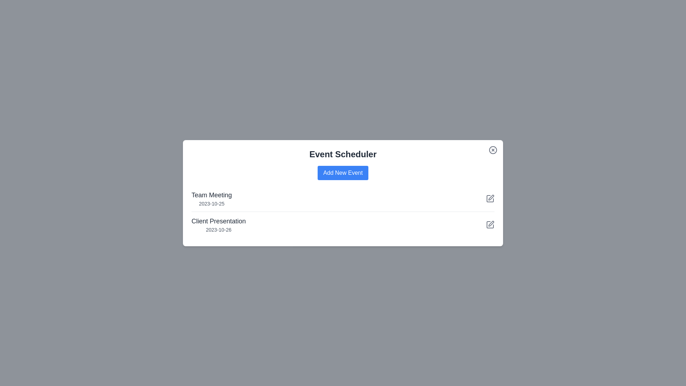 The height and width of the screenshot is (386, 686). What do you see at coordinates (490, 224) in the screenshot?
I see `the edit icon (pencil inside a square) located to the right of 'Client Presentation' with the date '2023-10-26'` at bounding box center [490, 224].